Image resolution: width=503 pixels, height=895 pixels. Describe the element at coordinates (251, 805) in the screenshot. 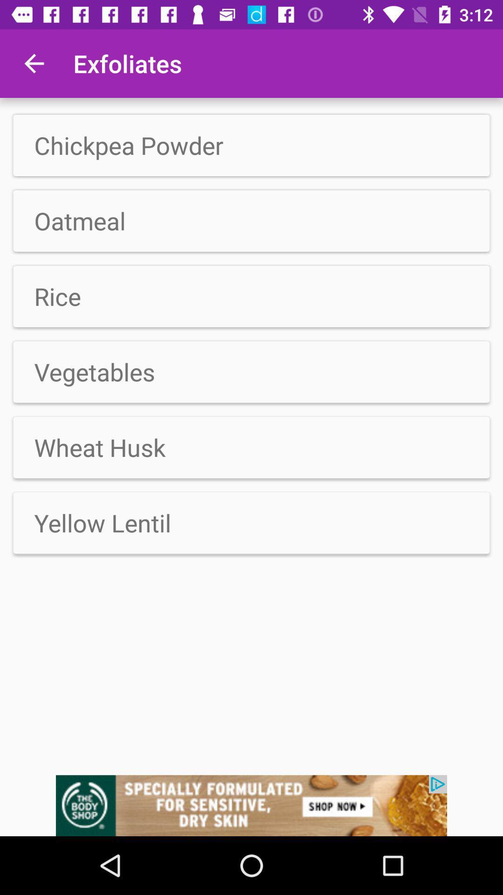

I see `advertisement the body shop` at that location.